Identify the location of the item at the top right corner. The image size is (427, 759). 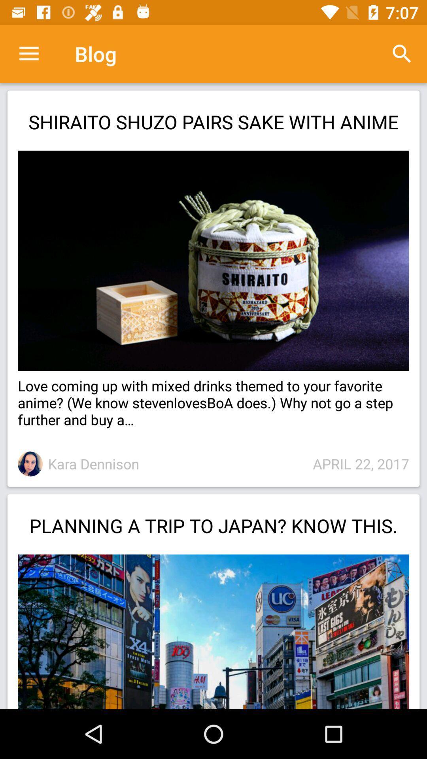
(402, 53).